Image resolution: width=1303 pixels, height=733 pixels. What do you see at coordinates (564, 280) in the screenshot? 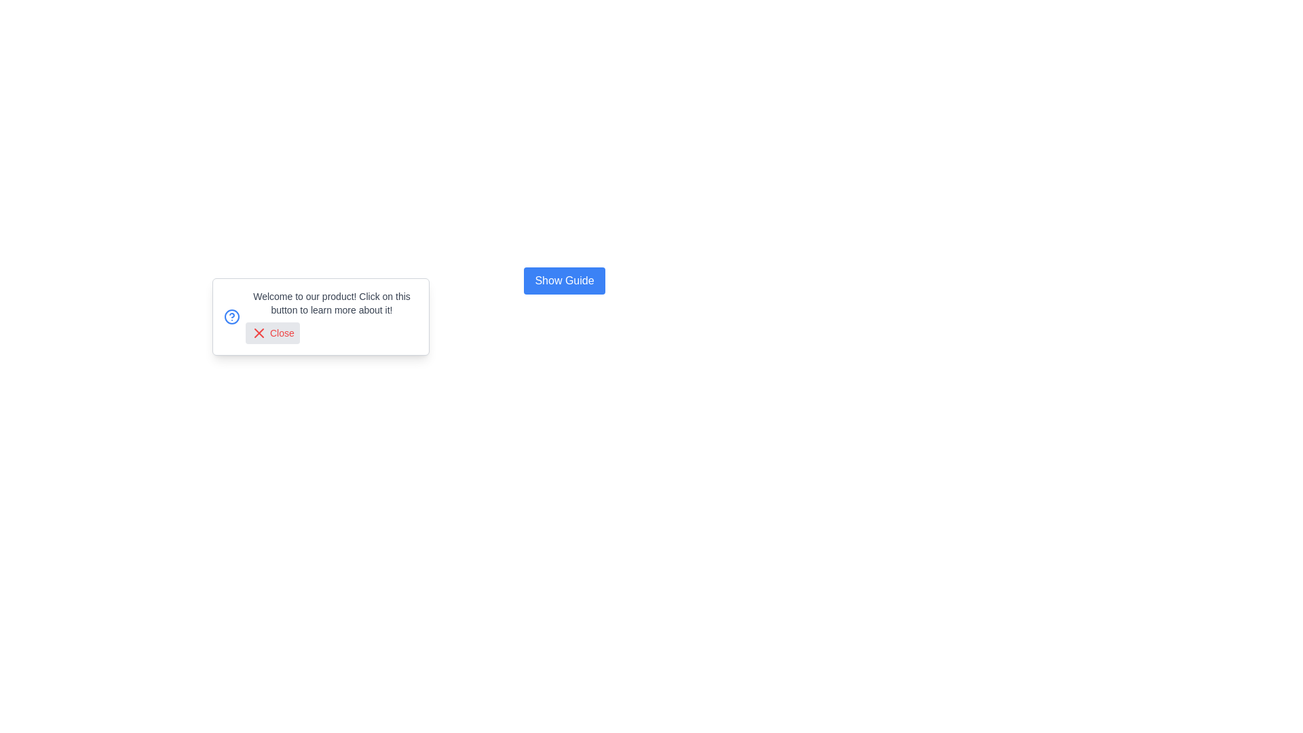
I see `the button located at the center-right portion of the interface` at bounding box center [564, 280].